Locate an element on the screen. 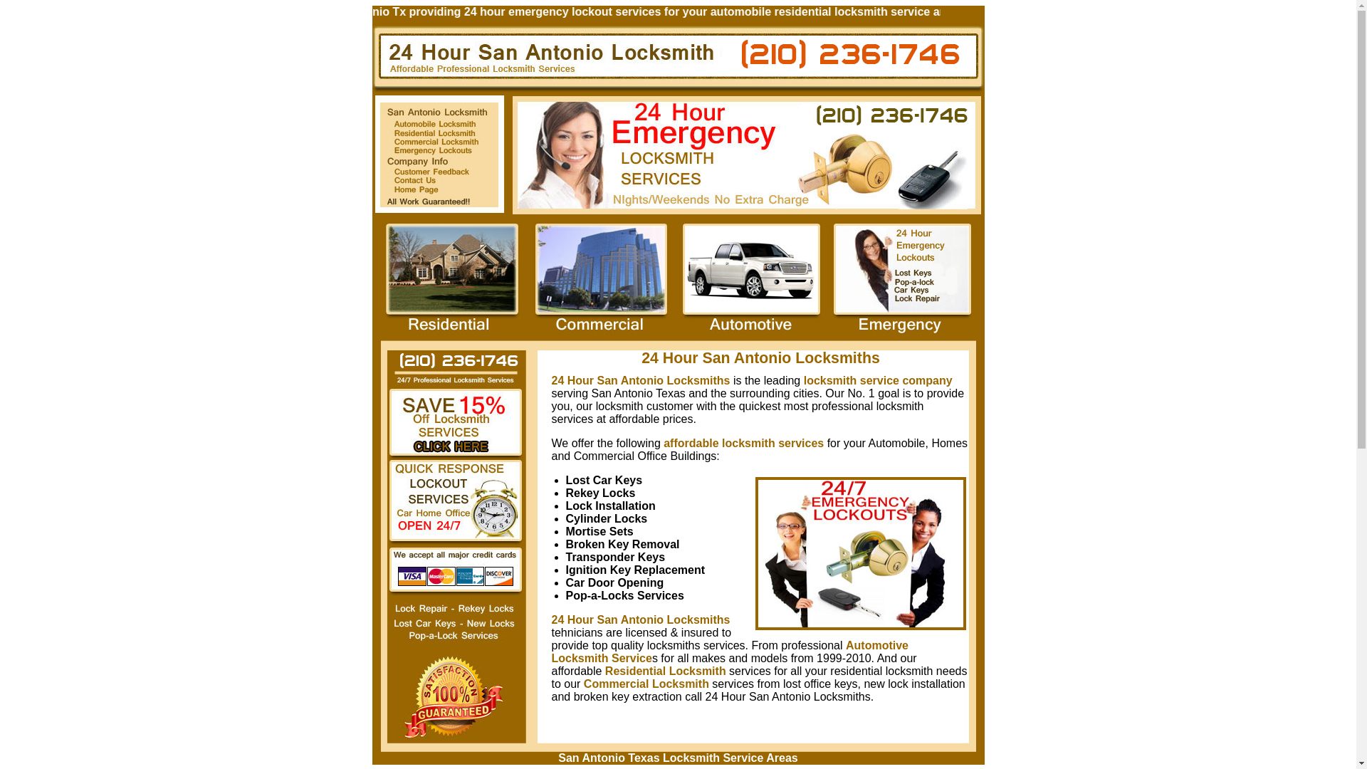 This screenshot has width=1367, height=769. 'Automotive Locksmith Service' is located at coordinates (730, 652).